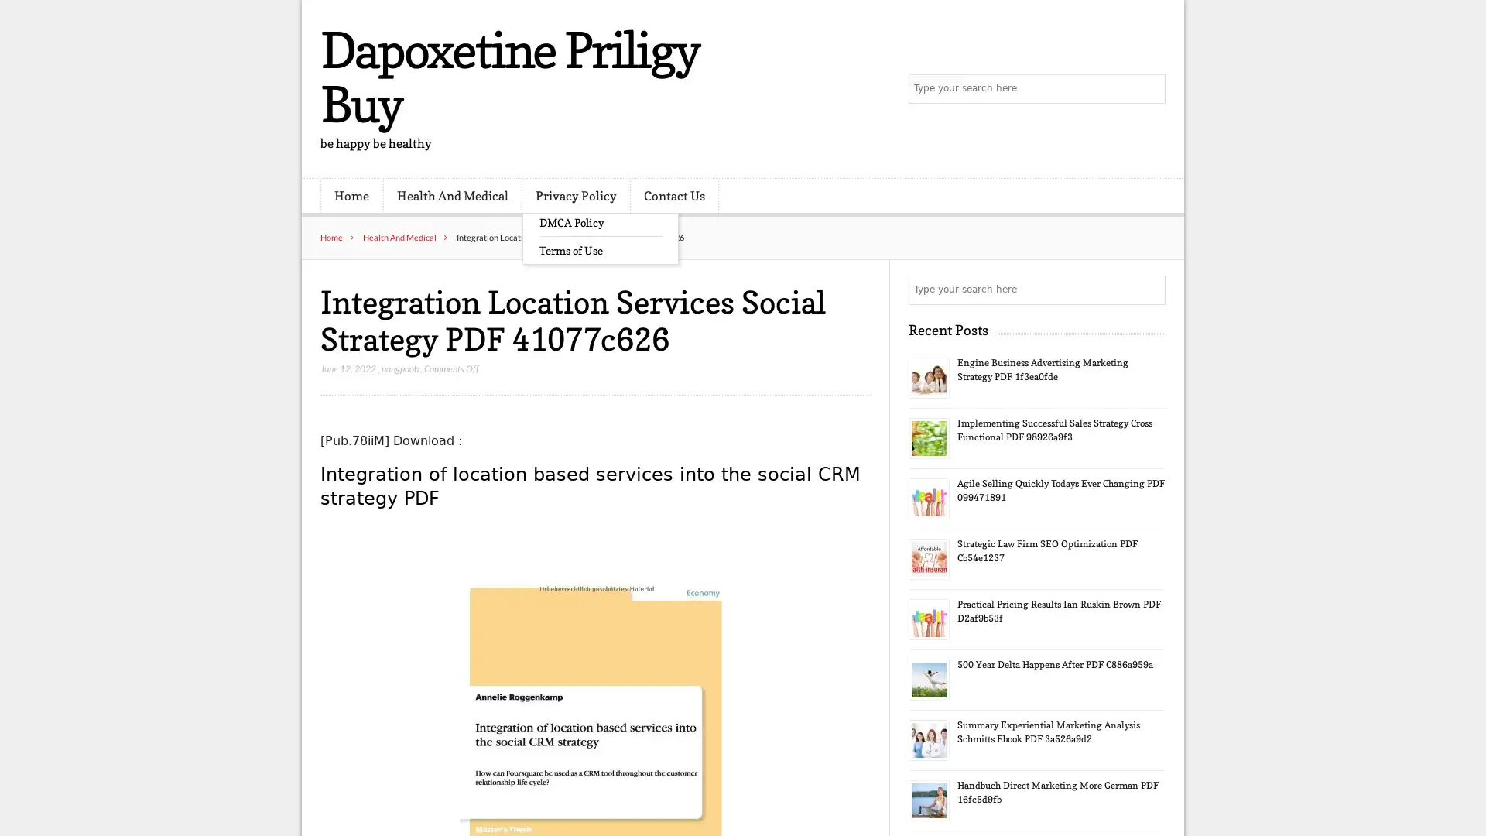 This screenshot has width=1486, height=836. What do you see at coordinates (1149, 89) in the screenshot?
I see `Search` at bounding box center [1149, 89].